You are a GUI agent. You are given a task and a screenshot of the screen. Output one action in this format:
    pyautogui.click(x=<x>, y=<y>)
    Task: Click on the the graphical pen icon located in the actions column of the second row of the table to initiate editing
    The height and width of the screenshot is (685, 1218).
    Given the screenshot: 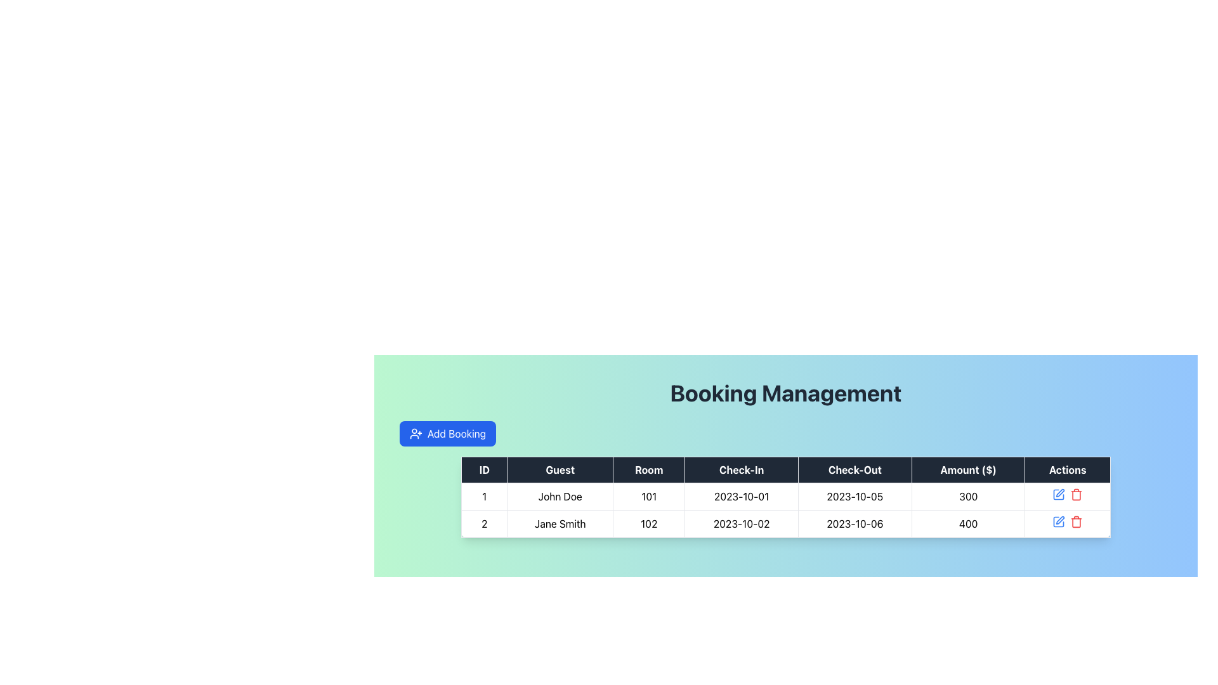 What is the action you would take?
    pyautogui.click(x=1060, y=492)
    